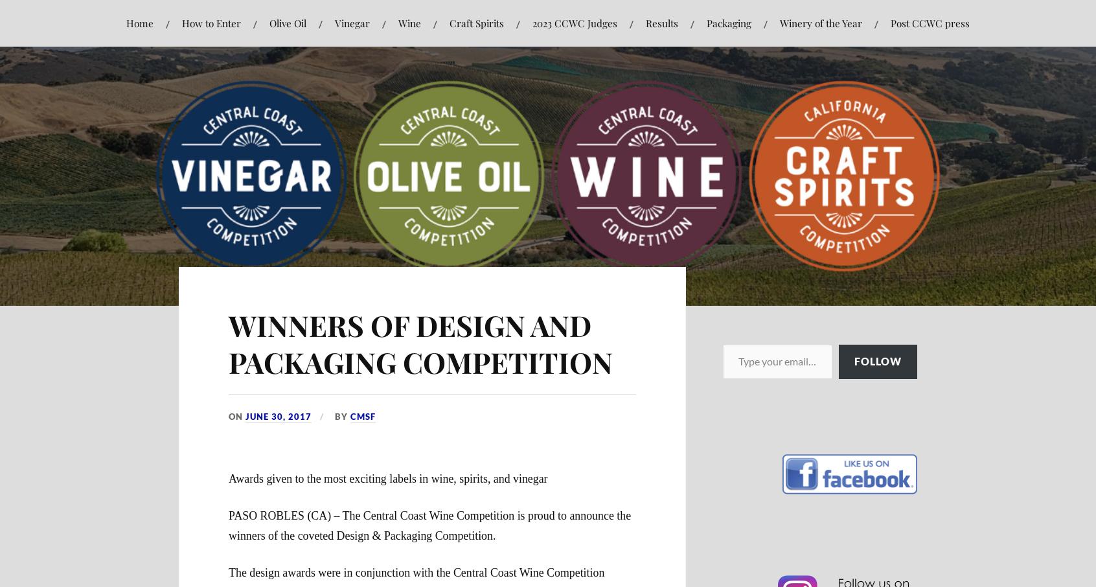 The width and height of the screenshot is (1096, 587). I want to click on 'Wine', so click(409, 22).